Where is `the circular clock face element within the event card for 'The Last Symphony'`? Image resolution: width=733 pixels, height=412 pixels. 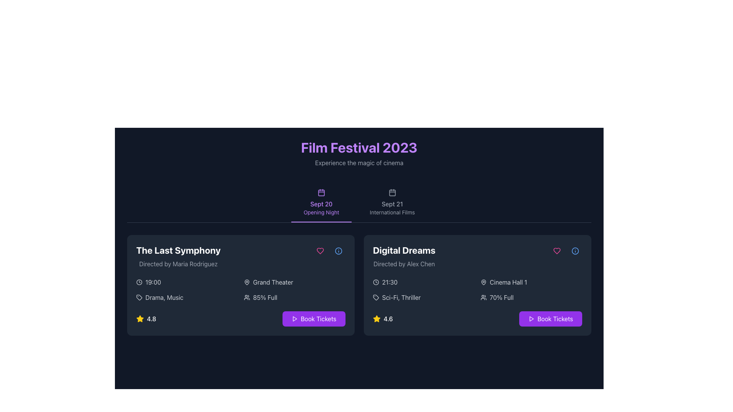 the circular clock face element within the event card for 'The Last Symphony' is located at coordinates (139, 282).